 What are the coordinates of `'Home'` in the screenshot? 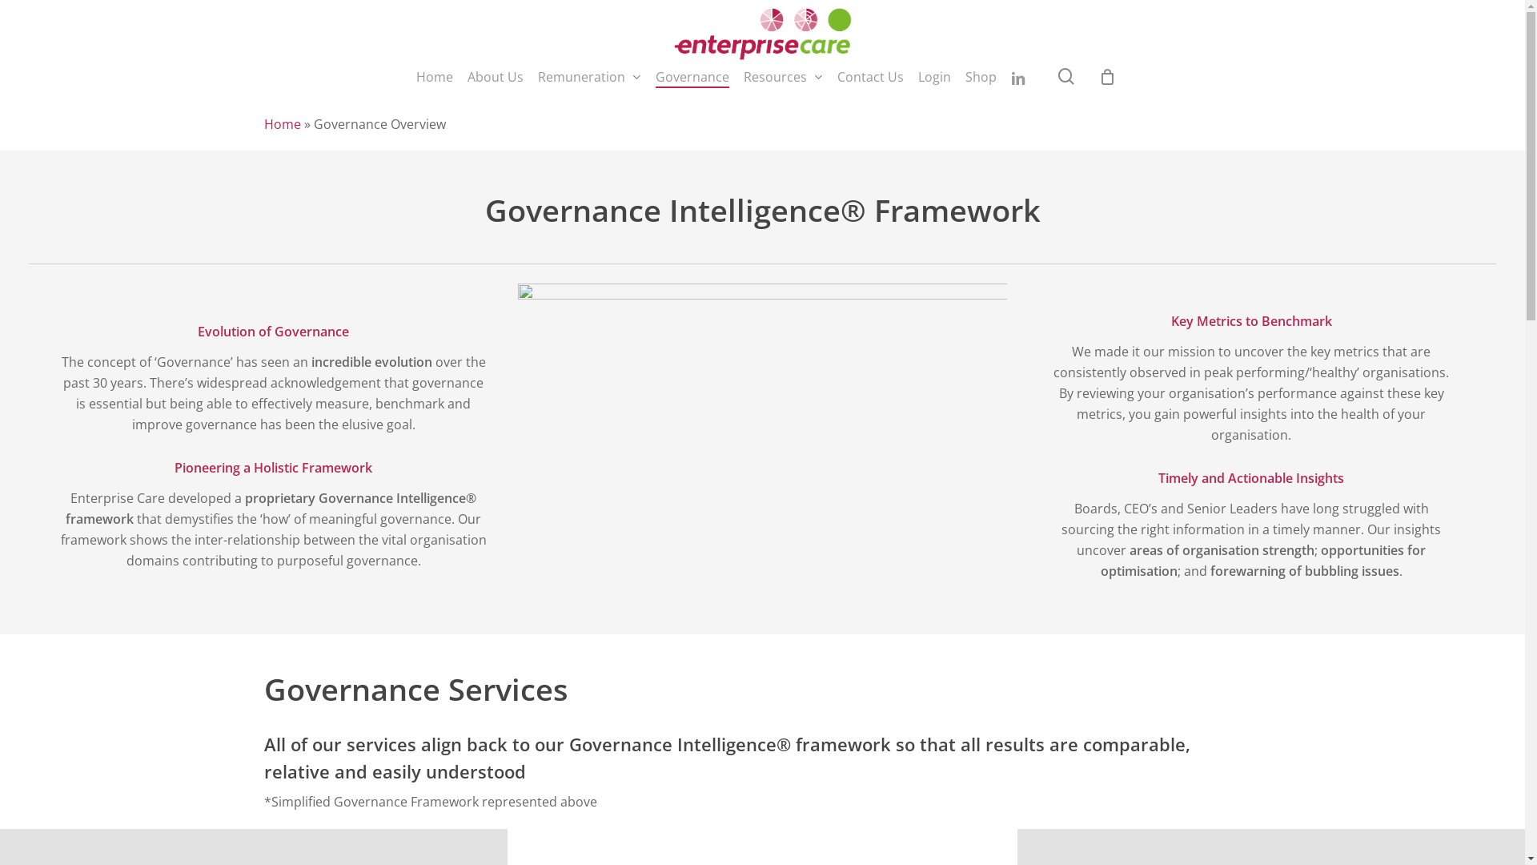 It's located at (434, 77).